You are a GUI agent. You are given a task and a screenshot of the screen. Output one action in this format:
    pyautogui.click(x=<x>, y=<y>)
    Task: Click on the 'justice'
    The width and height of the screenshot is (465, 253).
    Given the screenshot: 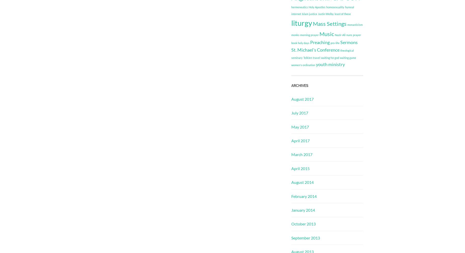 What is the action you would take?
    pyautogui.click(x=313, y=14)
    